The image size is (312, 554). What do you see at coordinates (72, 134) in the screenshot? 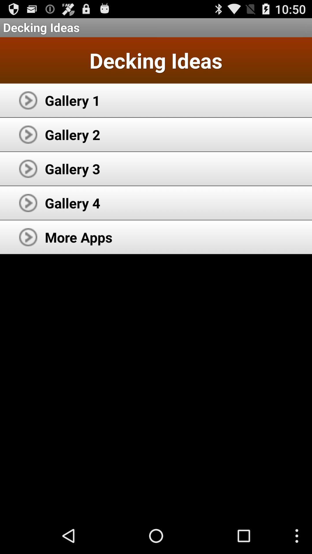
I see `gallery 2` at bounding box center [72, 134].